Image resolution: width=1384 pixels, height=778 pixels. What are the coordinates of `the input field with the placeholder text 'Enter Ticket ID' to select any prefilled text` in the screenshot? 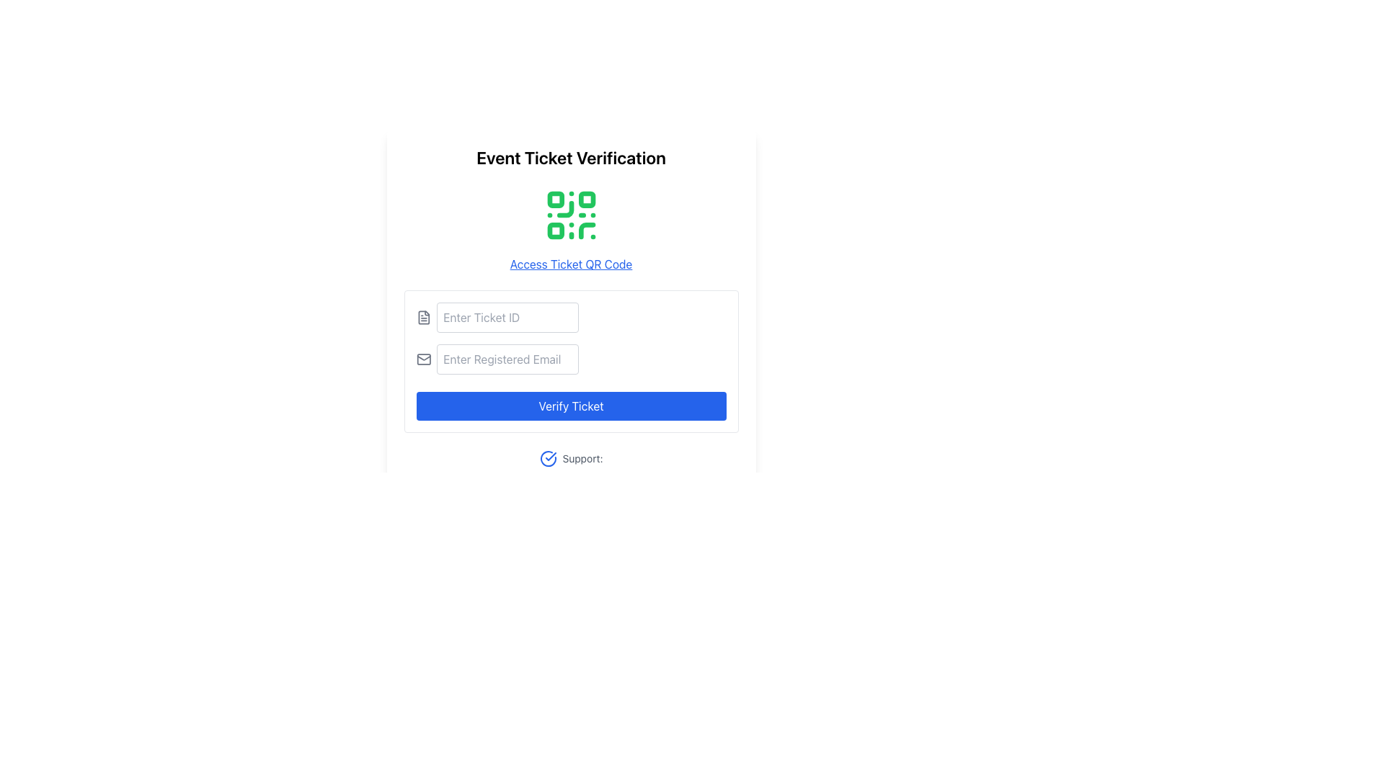 It's located at (507, 316).